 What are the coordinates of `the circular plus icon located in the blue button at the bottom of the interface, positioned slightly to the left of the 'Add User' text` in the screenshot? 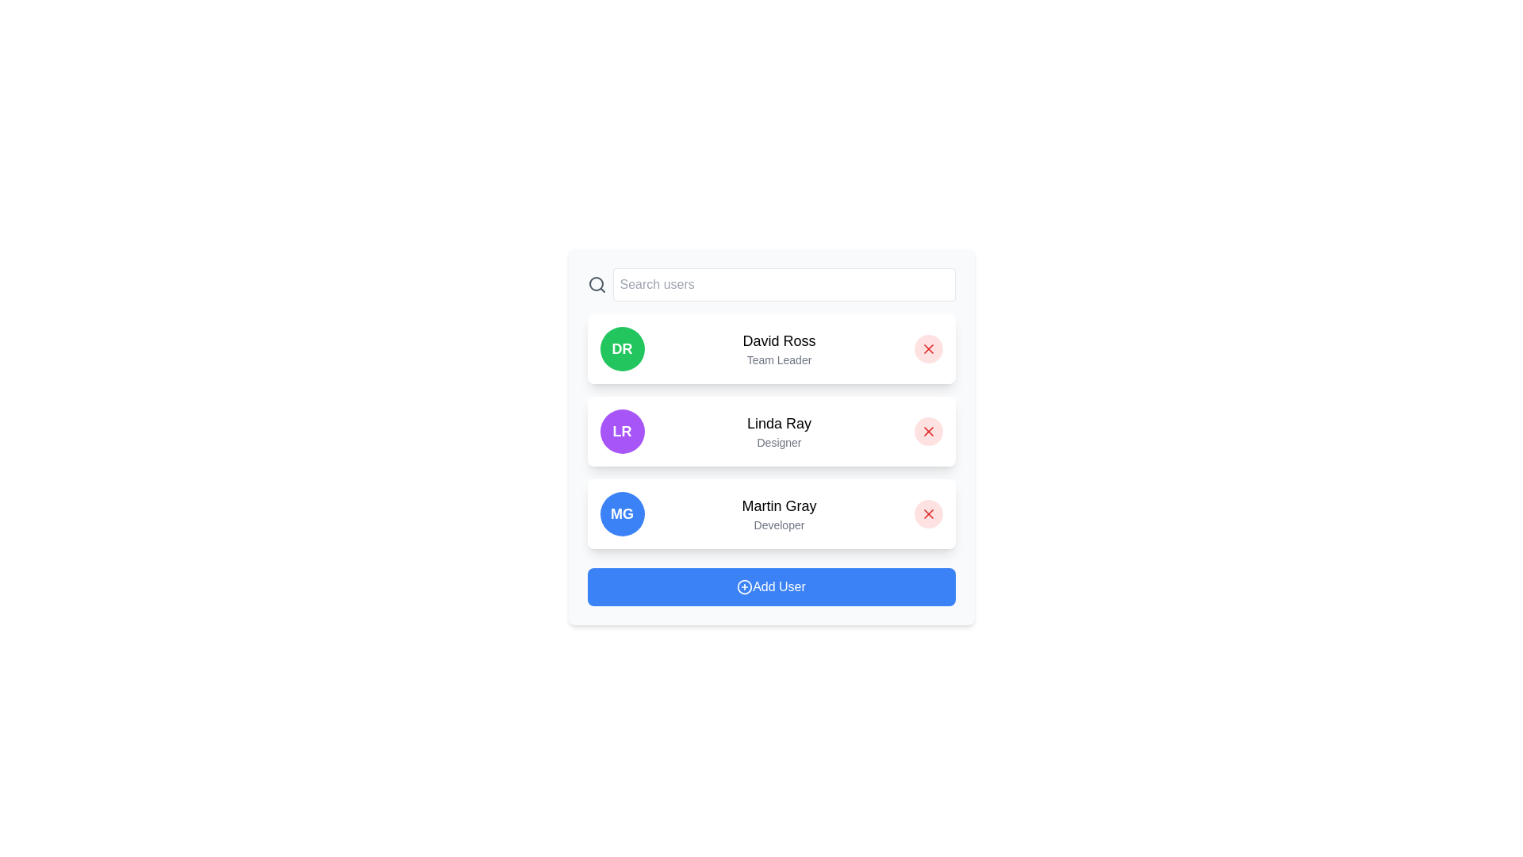 It's located at (744, 587).